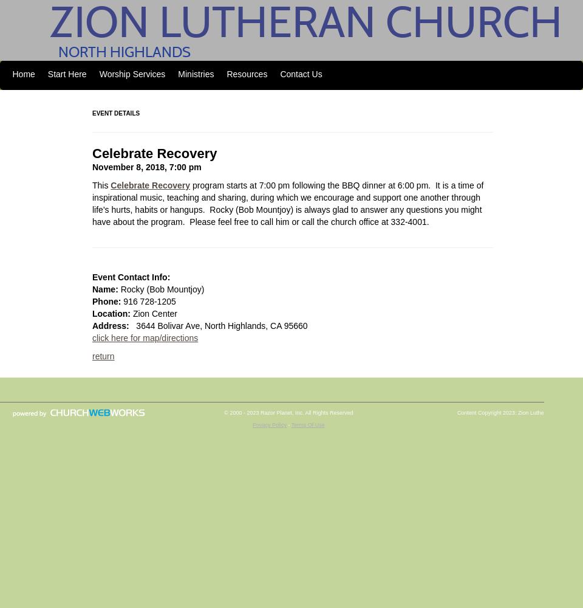 This screenshot has width=583, height=608. Describe the element at coordinates (146, 167) in the screenshot. I see `'November 8, 2018, 7:00 pm'` at that location.